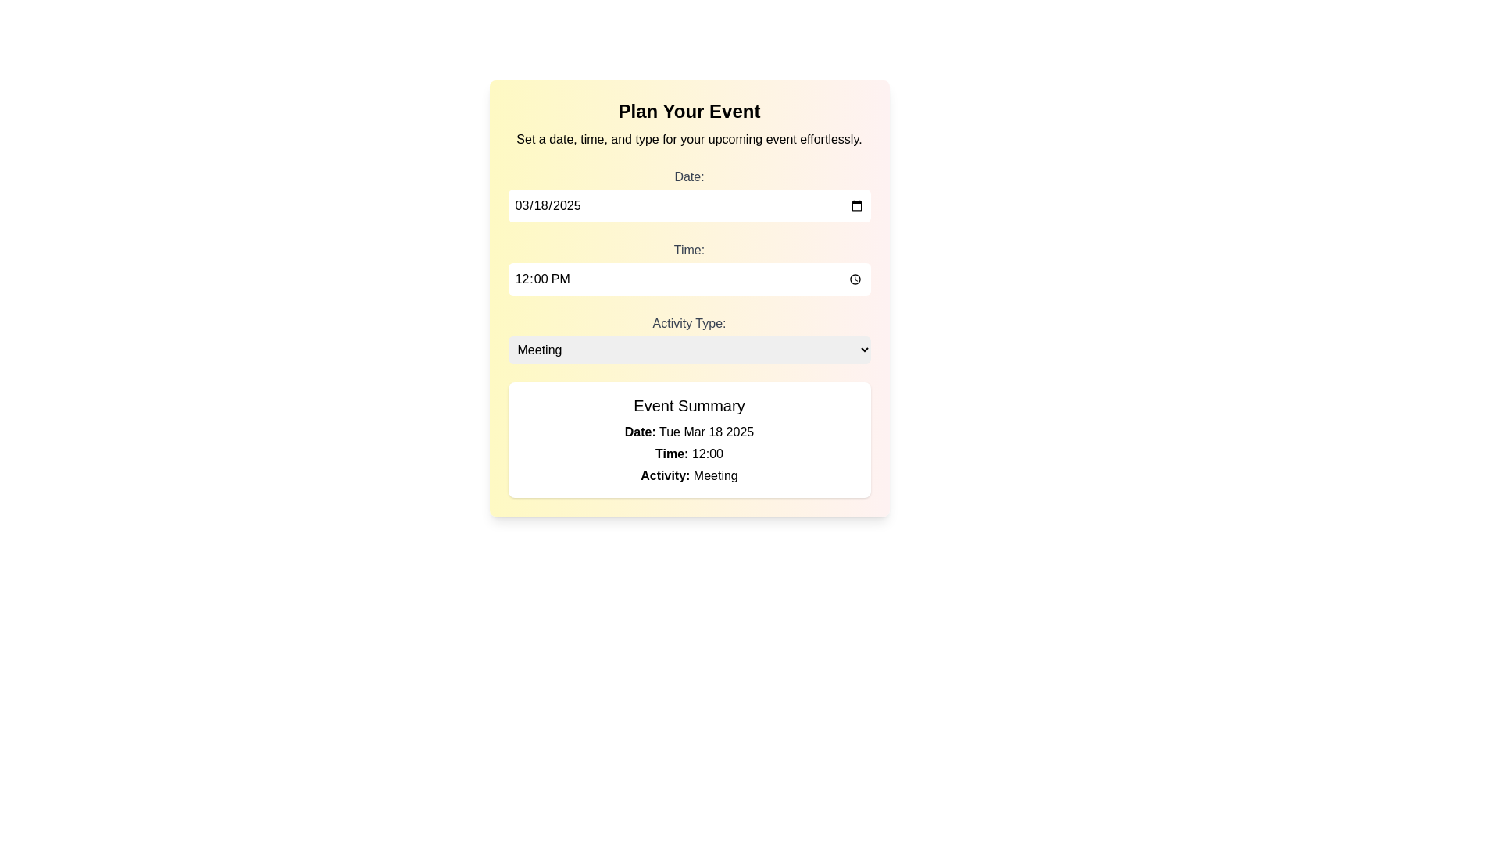  What do you see at coordinates (688, 123) in the screenshot?
I see `the instructional header static text block that guides users on setting up event details, located above the input fields for date, time, and activity type` at bounding box center [688, 123].